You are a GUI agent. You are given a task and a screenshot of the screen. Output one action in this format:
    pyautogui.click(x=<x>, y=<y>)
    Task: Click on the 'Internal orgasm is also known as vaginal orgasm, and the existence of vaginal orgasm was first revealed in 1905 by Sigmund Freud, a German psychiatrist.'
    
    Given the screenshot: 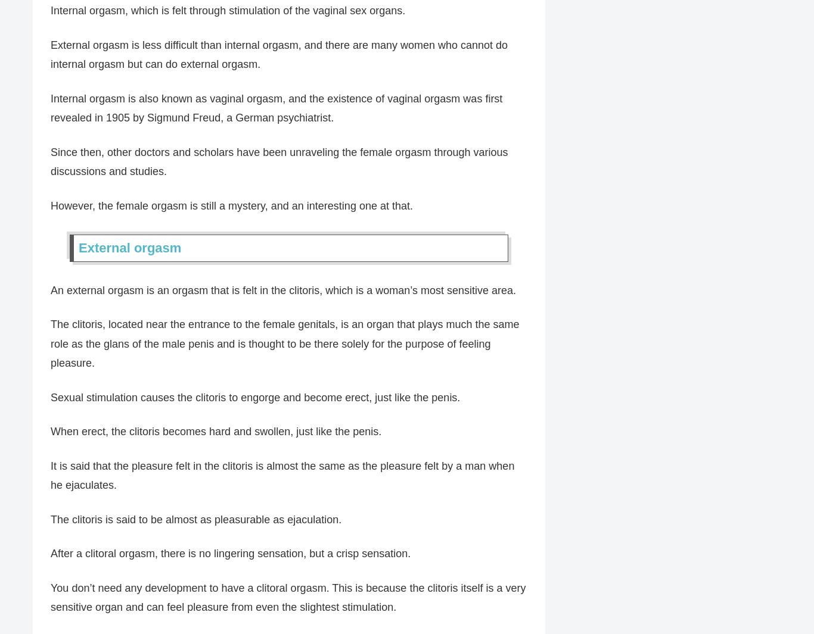 What is the action you would take?
    pyautogui.click(x=276, y=107)
    